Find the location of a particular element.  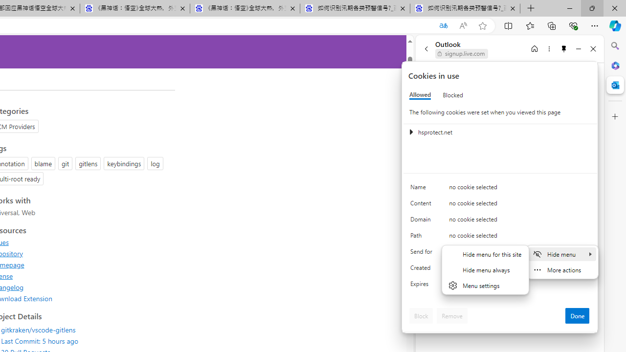

'Send for' is located at coordinates (423, 253).